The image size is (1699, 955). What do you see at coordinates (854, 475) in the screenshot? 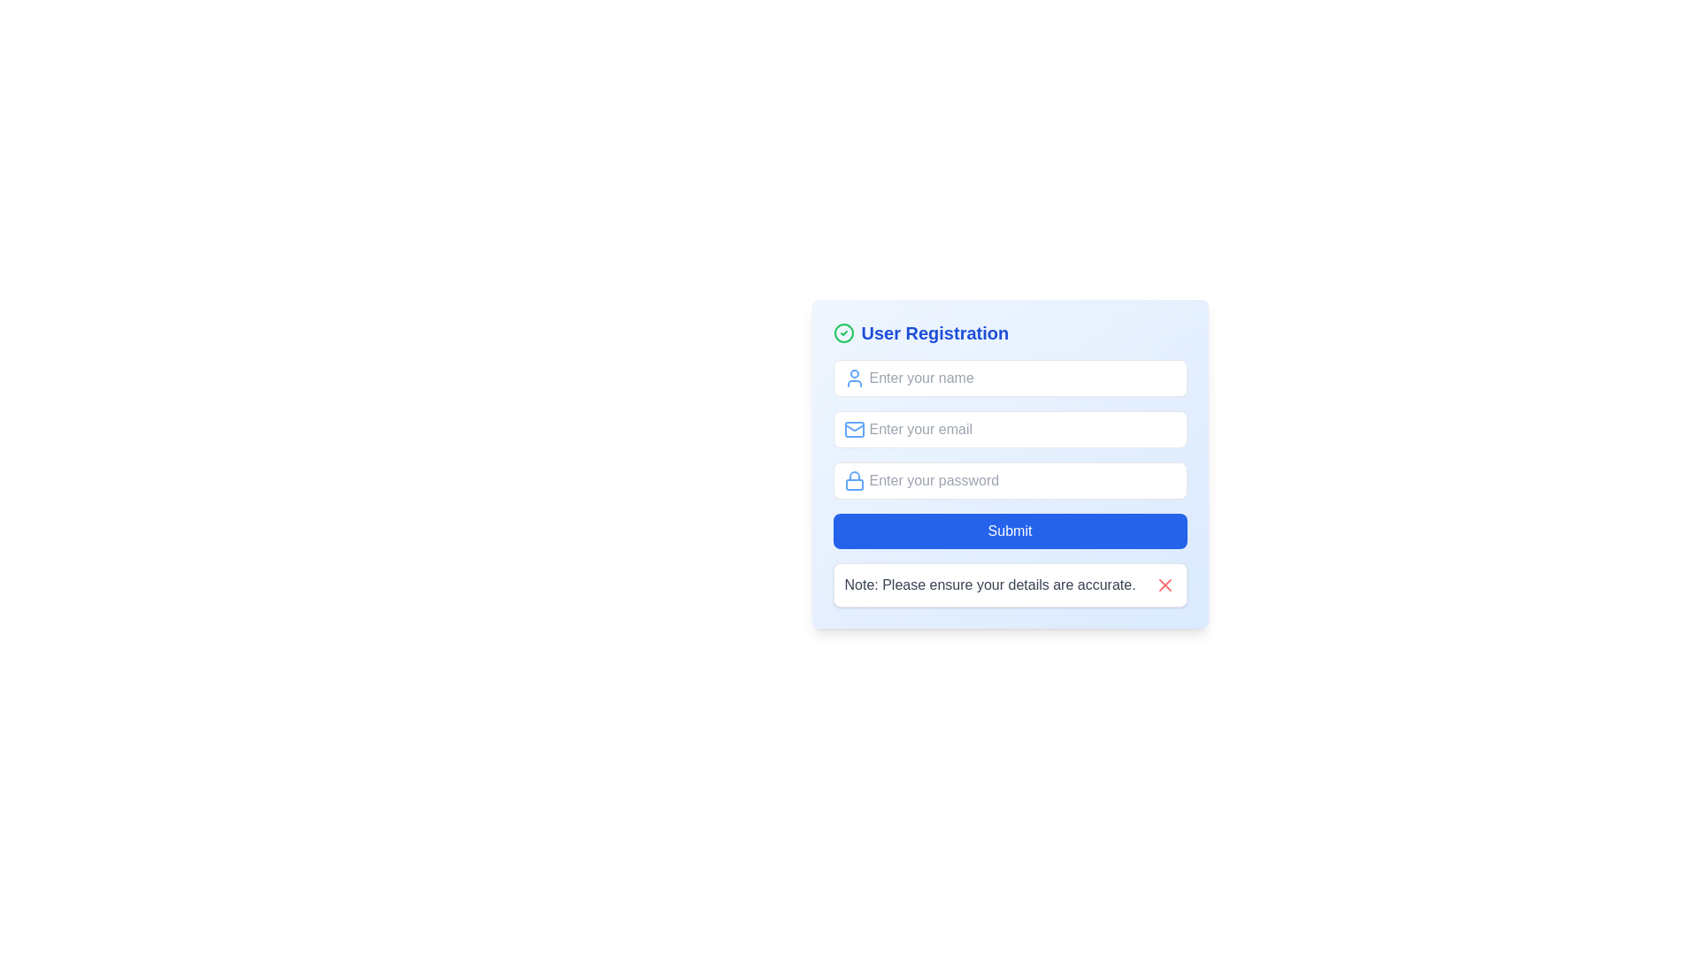
I see `the upper arc of the lock icon, which is part of the User Registration form, positioned to the left of the password input field` at bounding box center [854, 475].